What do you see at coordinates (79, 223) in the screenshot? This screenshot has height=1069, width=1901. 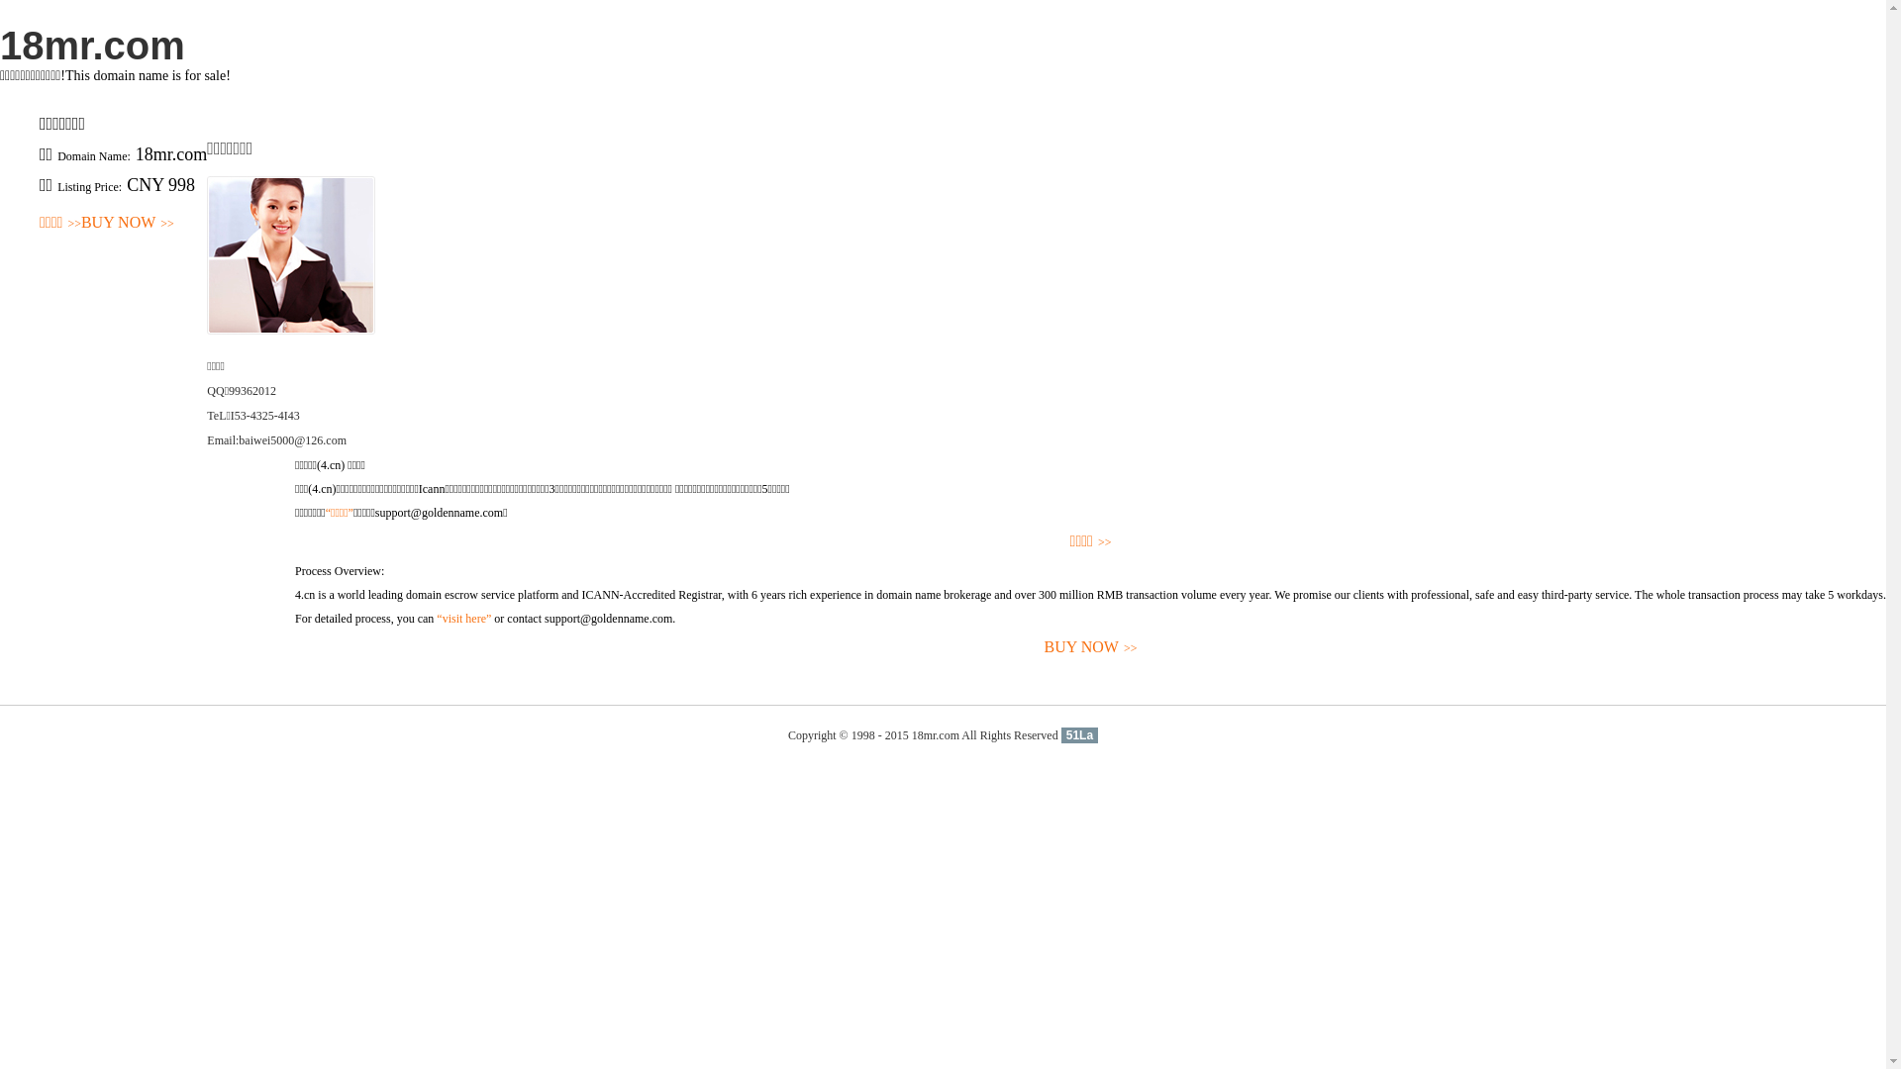 I see `'BUY NOW>>'` at bounding box center [79, 223].